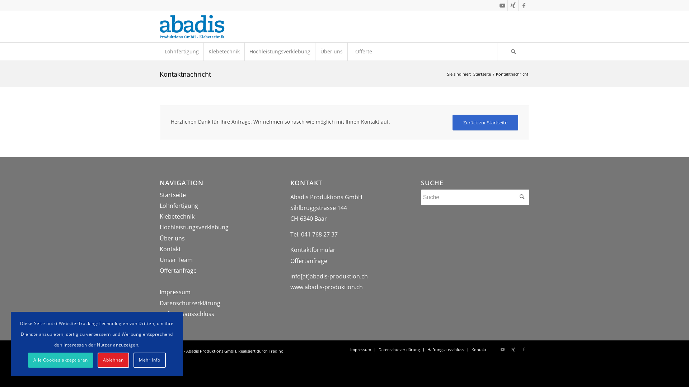  I want to click on 'Startseite', so click(173, 195).